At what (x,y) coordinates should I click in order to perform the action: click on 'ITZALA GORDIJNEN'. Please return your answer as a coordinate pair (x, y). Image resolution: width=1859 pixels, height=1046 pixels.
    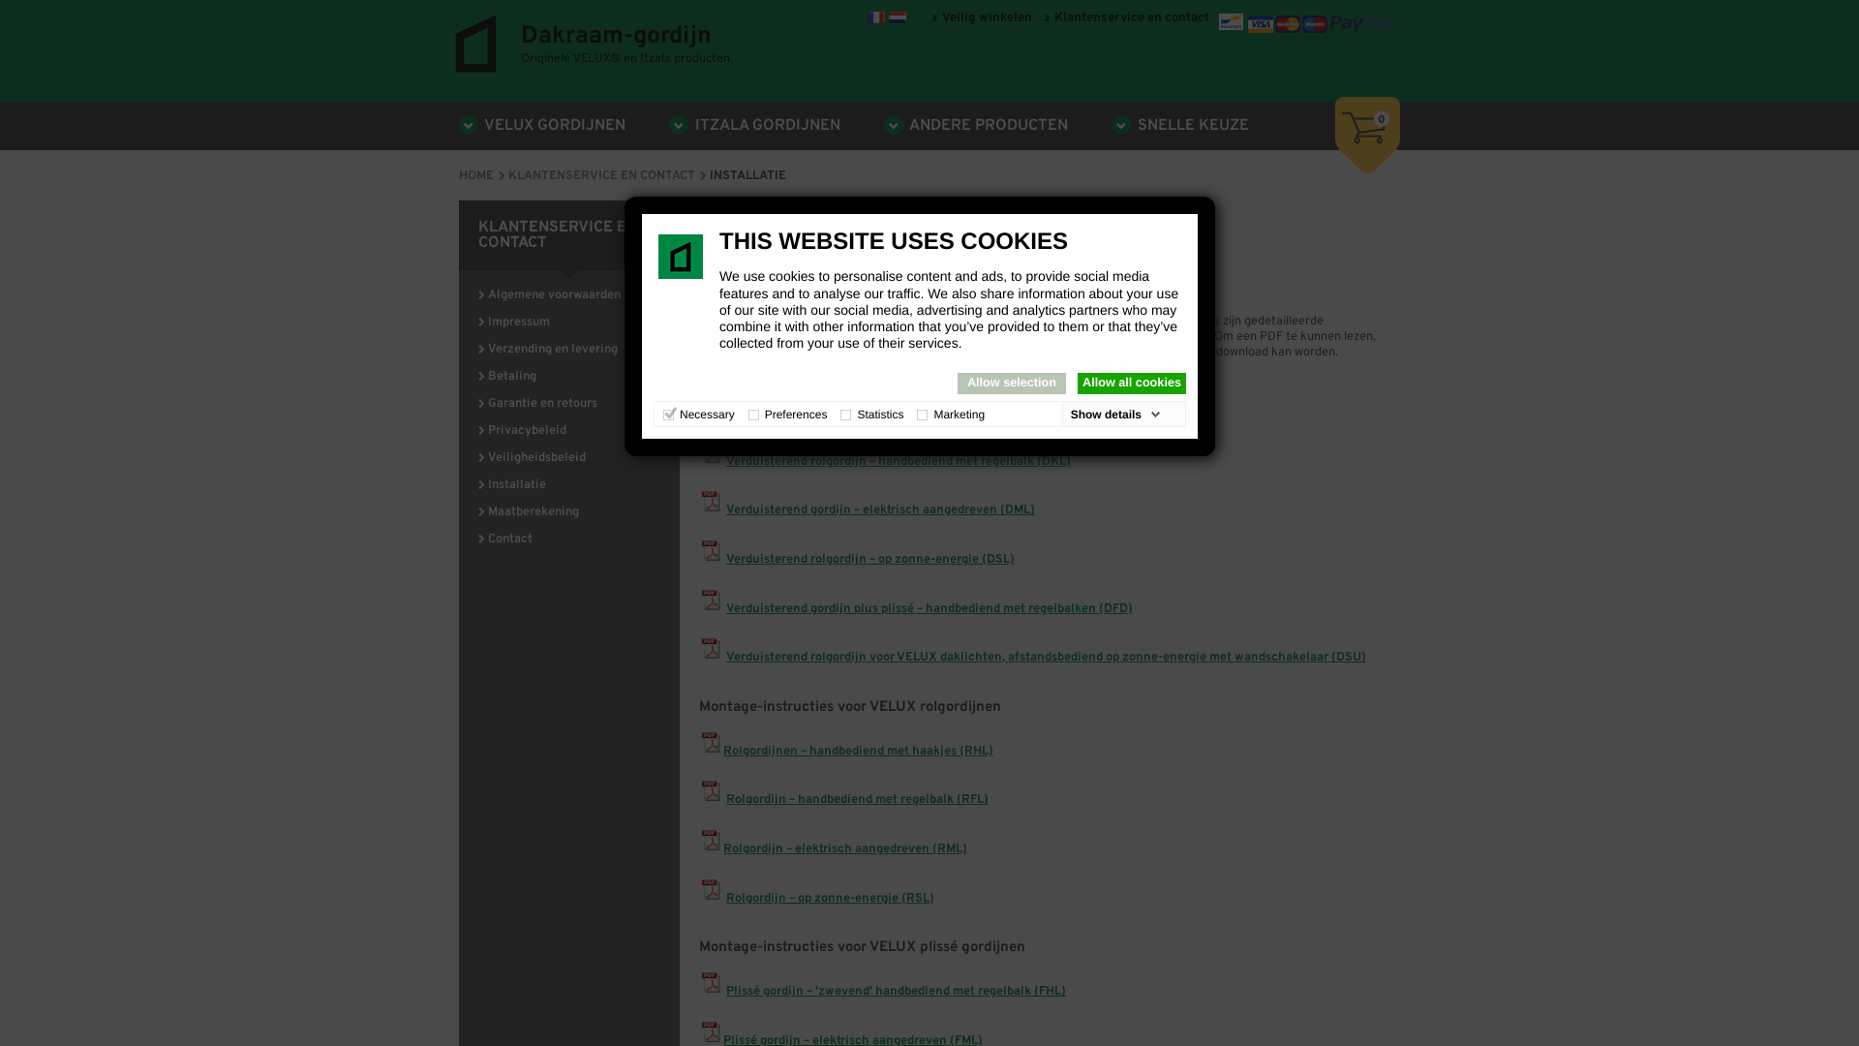
    Looking at the image, I should click on (753, 126).